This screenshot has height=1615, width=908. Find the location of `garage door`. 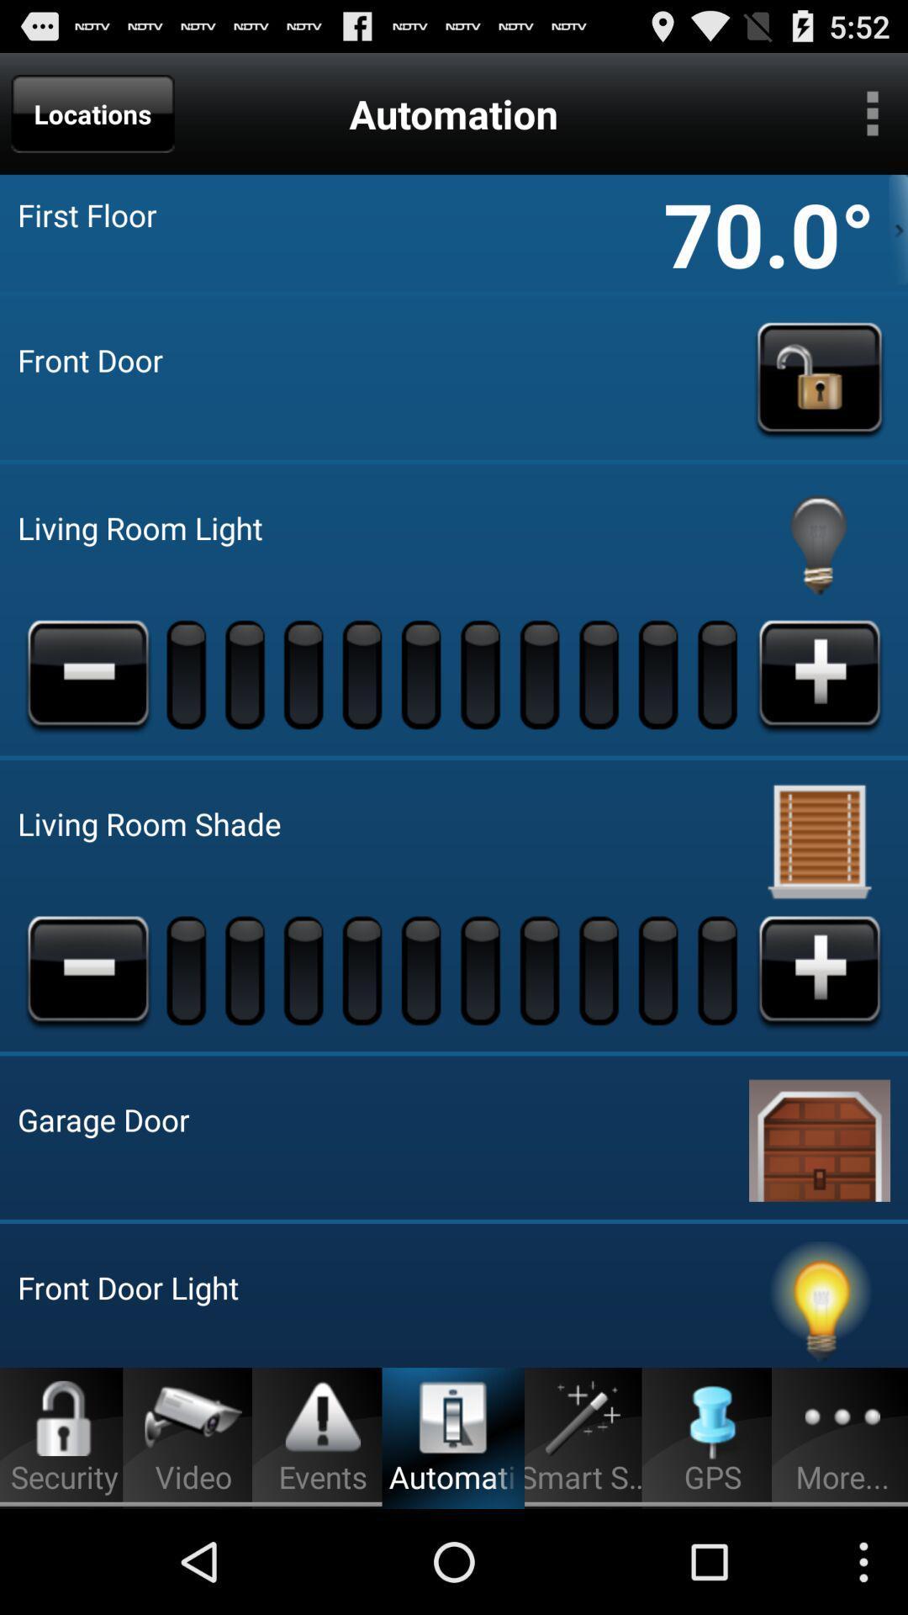

garage door is located at coordinates (819, 1137).